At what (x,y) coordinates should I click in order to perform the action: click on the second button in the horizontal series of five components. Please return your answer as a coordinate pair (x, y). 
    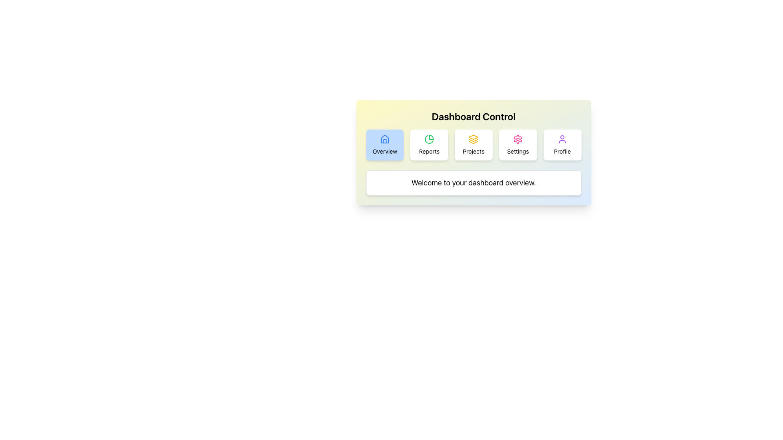
    Looking at the image, I should click on (429, 144).